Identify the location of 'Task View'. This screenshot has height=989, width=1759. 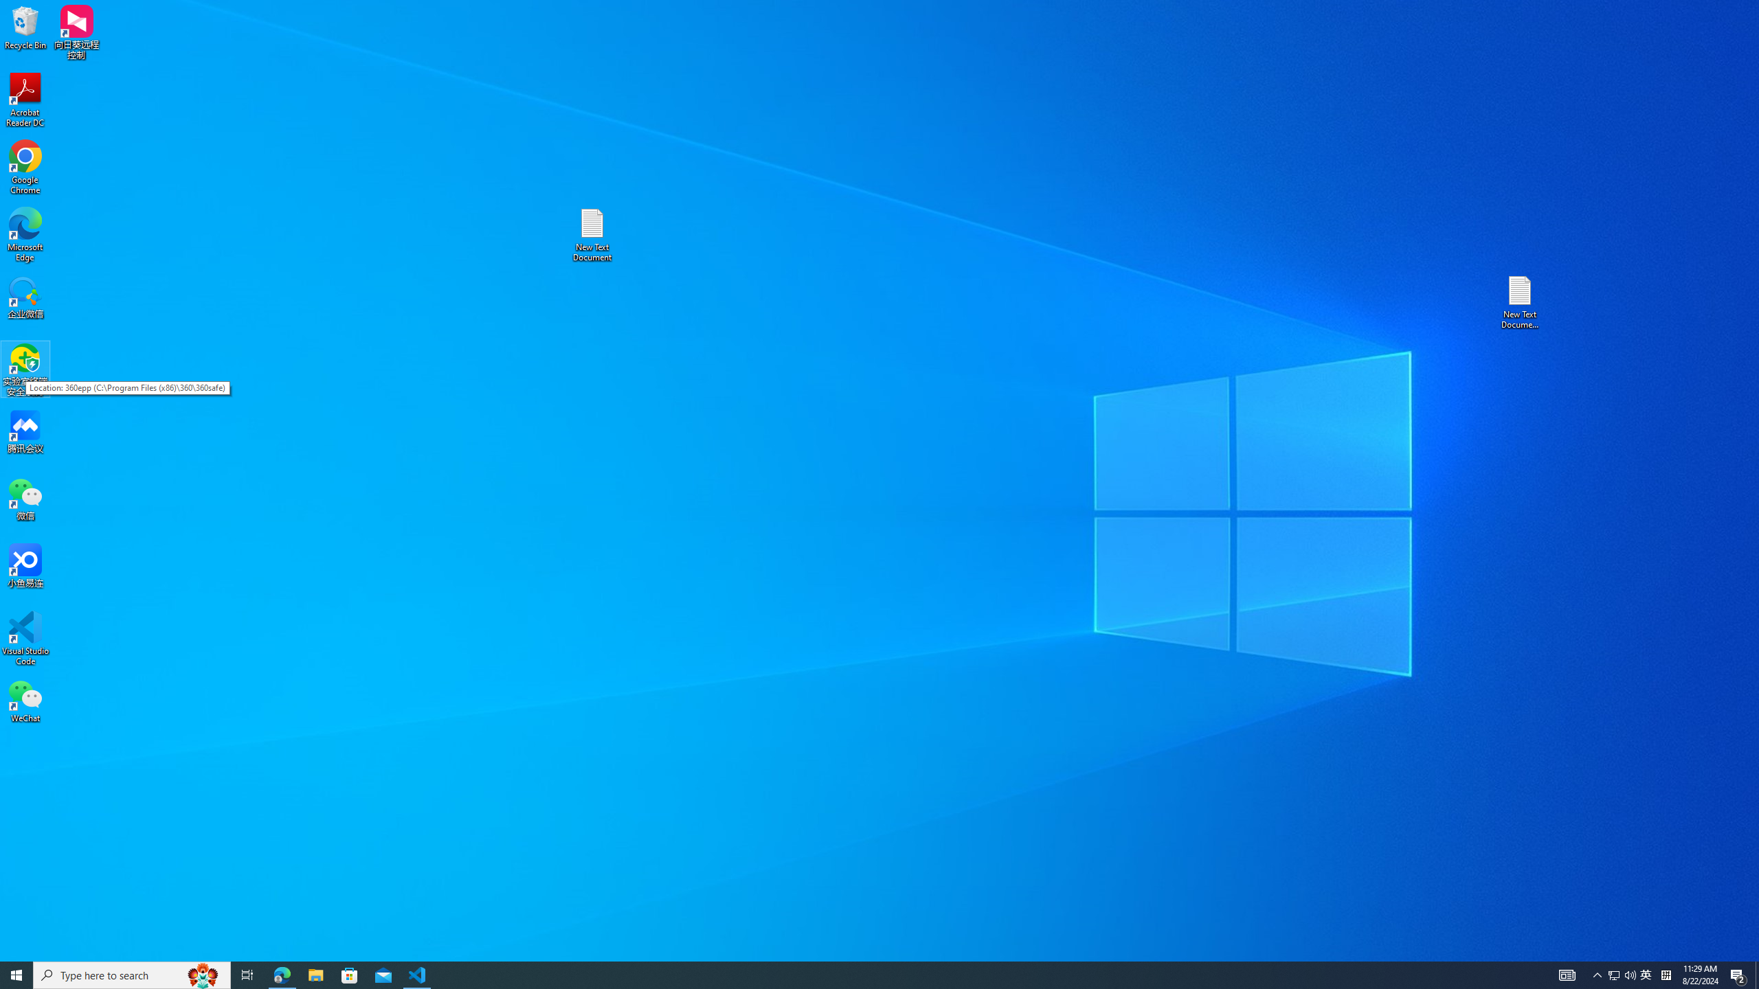
(246, 974).